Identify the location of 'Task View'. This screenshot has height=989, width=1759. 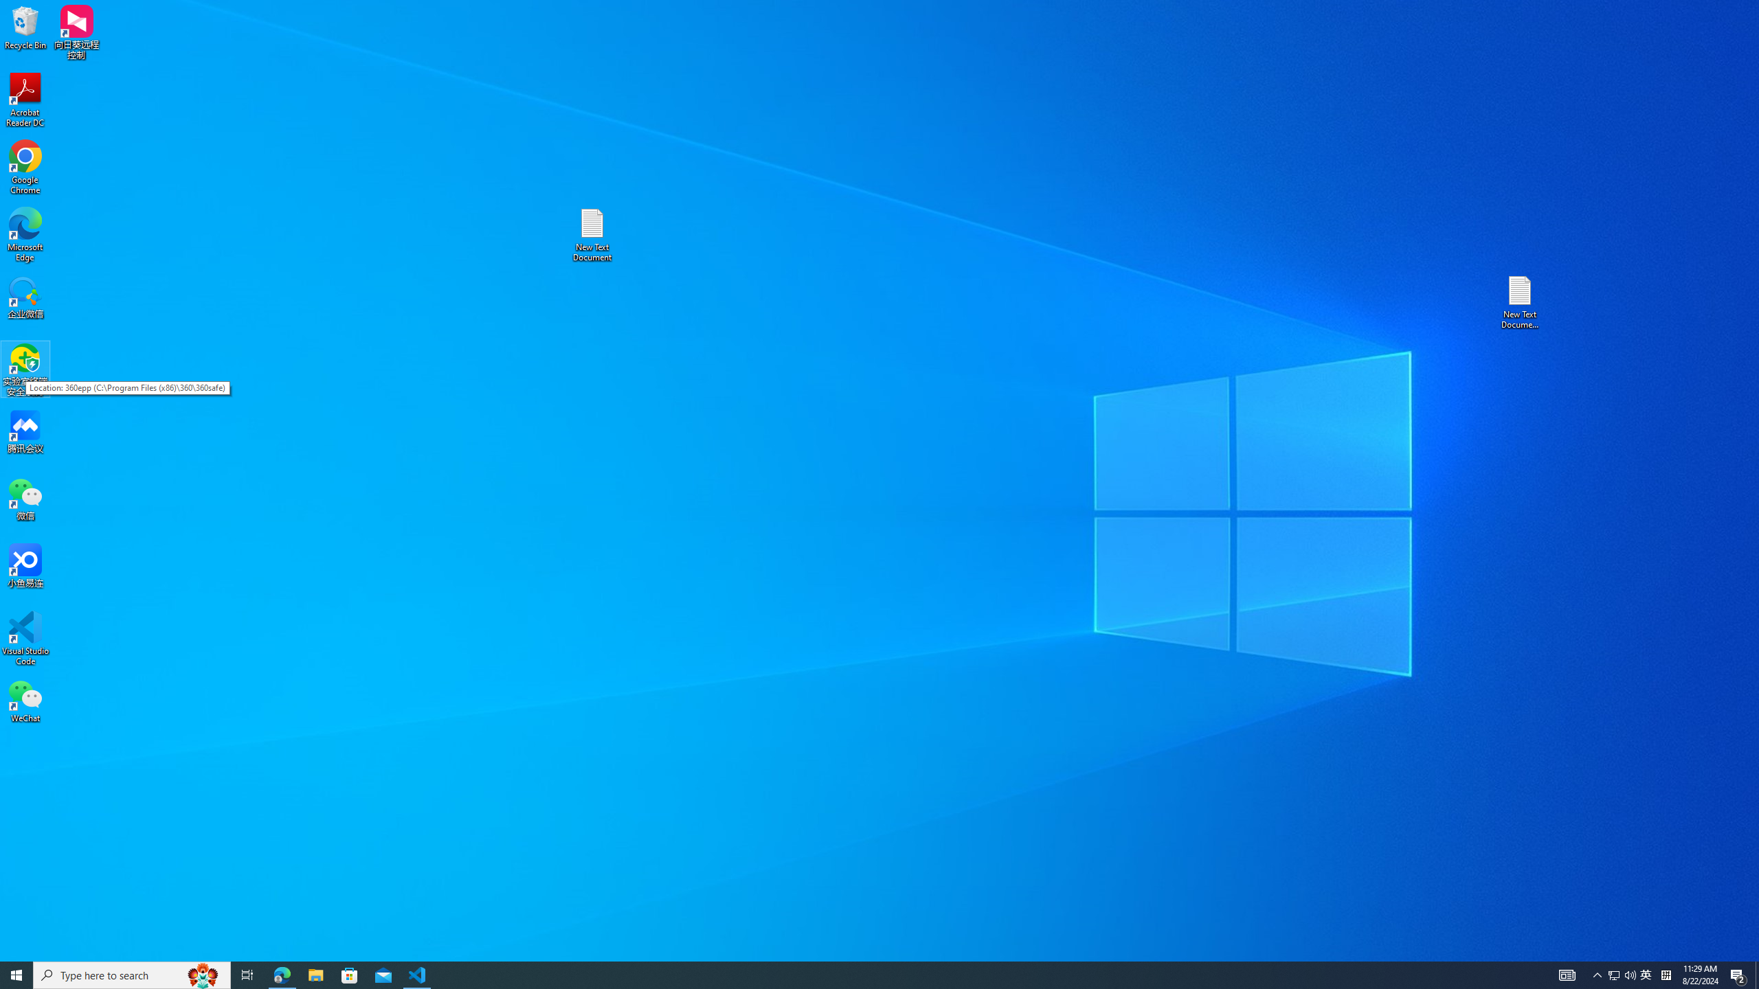
(246, 974).